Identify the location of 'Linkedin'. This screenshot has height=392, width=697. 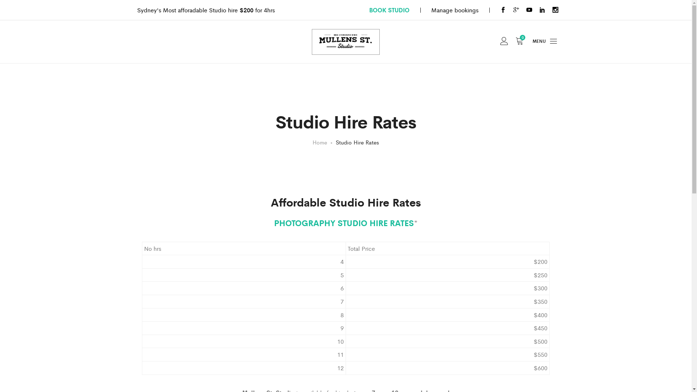
(542, 10).